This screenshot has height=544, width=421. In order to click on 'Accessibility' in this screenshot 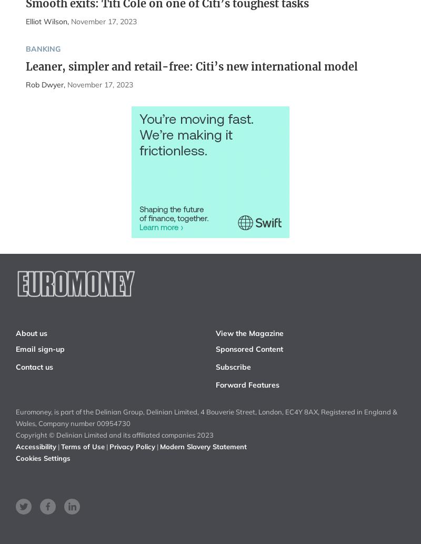, I will do `click(36, 446)`.